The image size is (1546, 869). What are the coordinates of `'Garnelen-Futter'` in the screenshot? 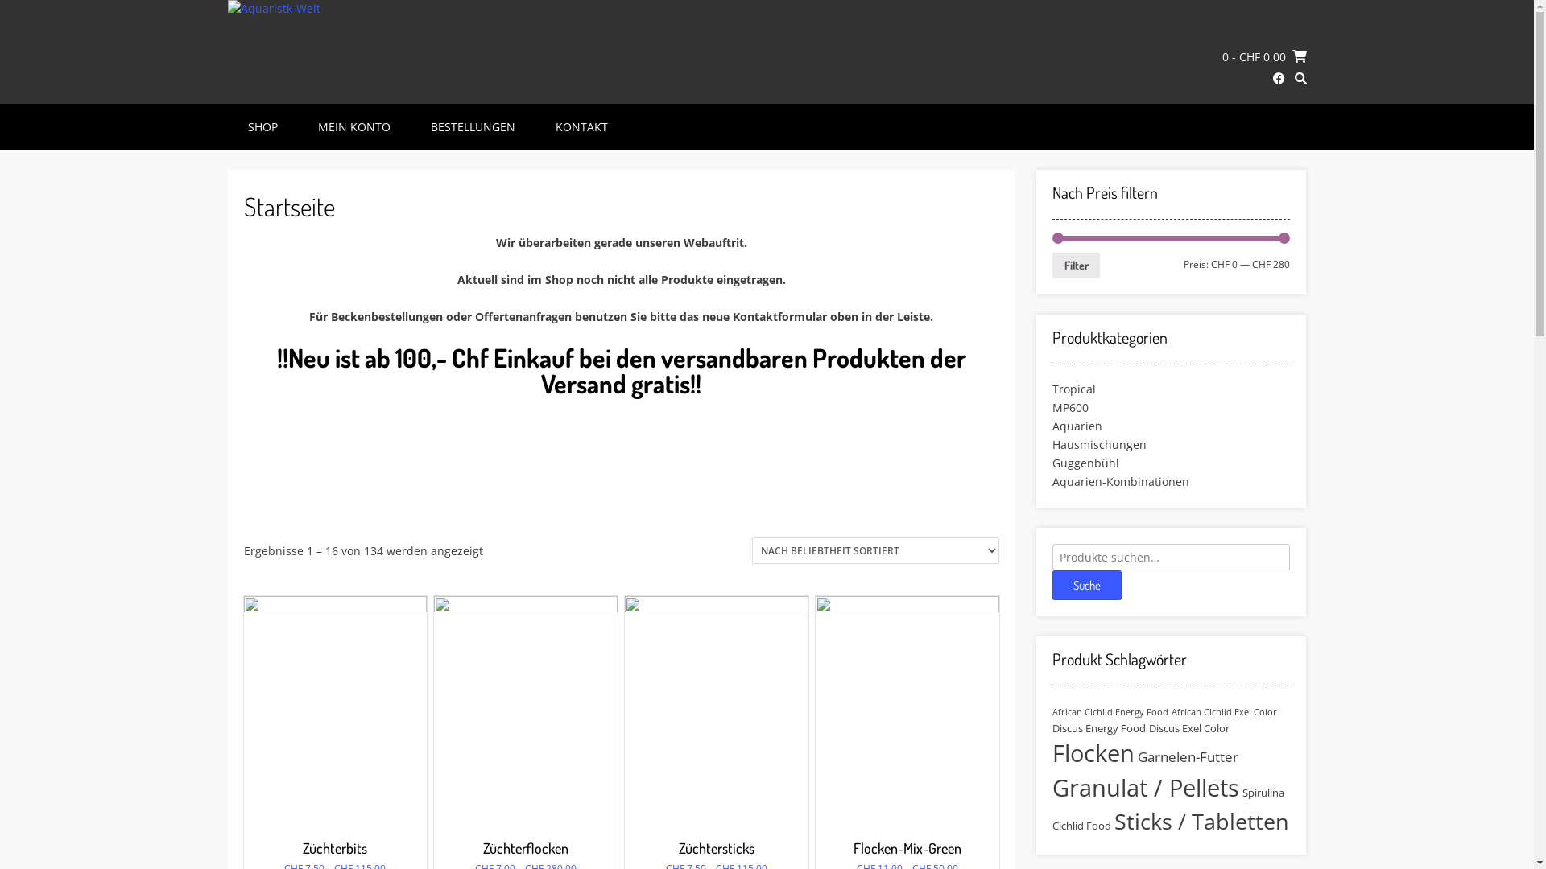 It's located at (1188, 756).